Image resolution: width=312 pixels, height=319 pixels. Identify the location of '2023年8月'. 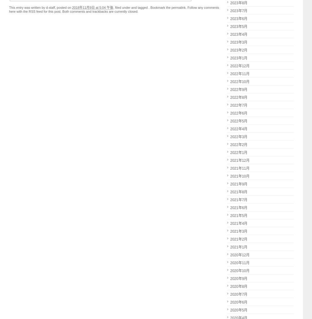
(238, 3).